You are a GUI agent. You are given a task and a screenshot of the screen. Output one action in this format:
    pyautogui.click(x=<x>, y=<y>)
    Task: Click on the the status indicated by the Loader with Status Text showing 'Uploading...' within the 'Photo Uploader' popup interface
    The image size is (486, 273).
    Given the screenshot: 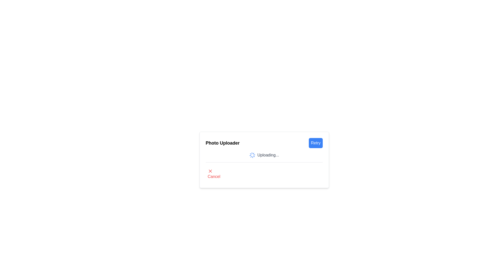 What is the action you would take?
    pyautogui.click(x=264, y=155)
    